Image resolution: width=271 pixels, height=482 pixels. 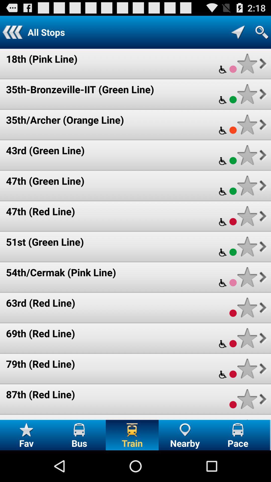 I want to click on to favorites, so click(x=247, y=216).